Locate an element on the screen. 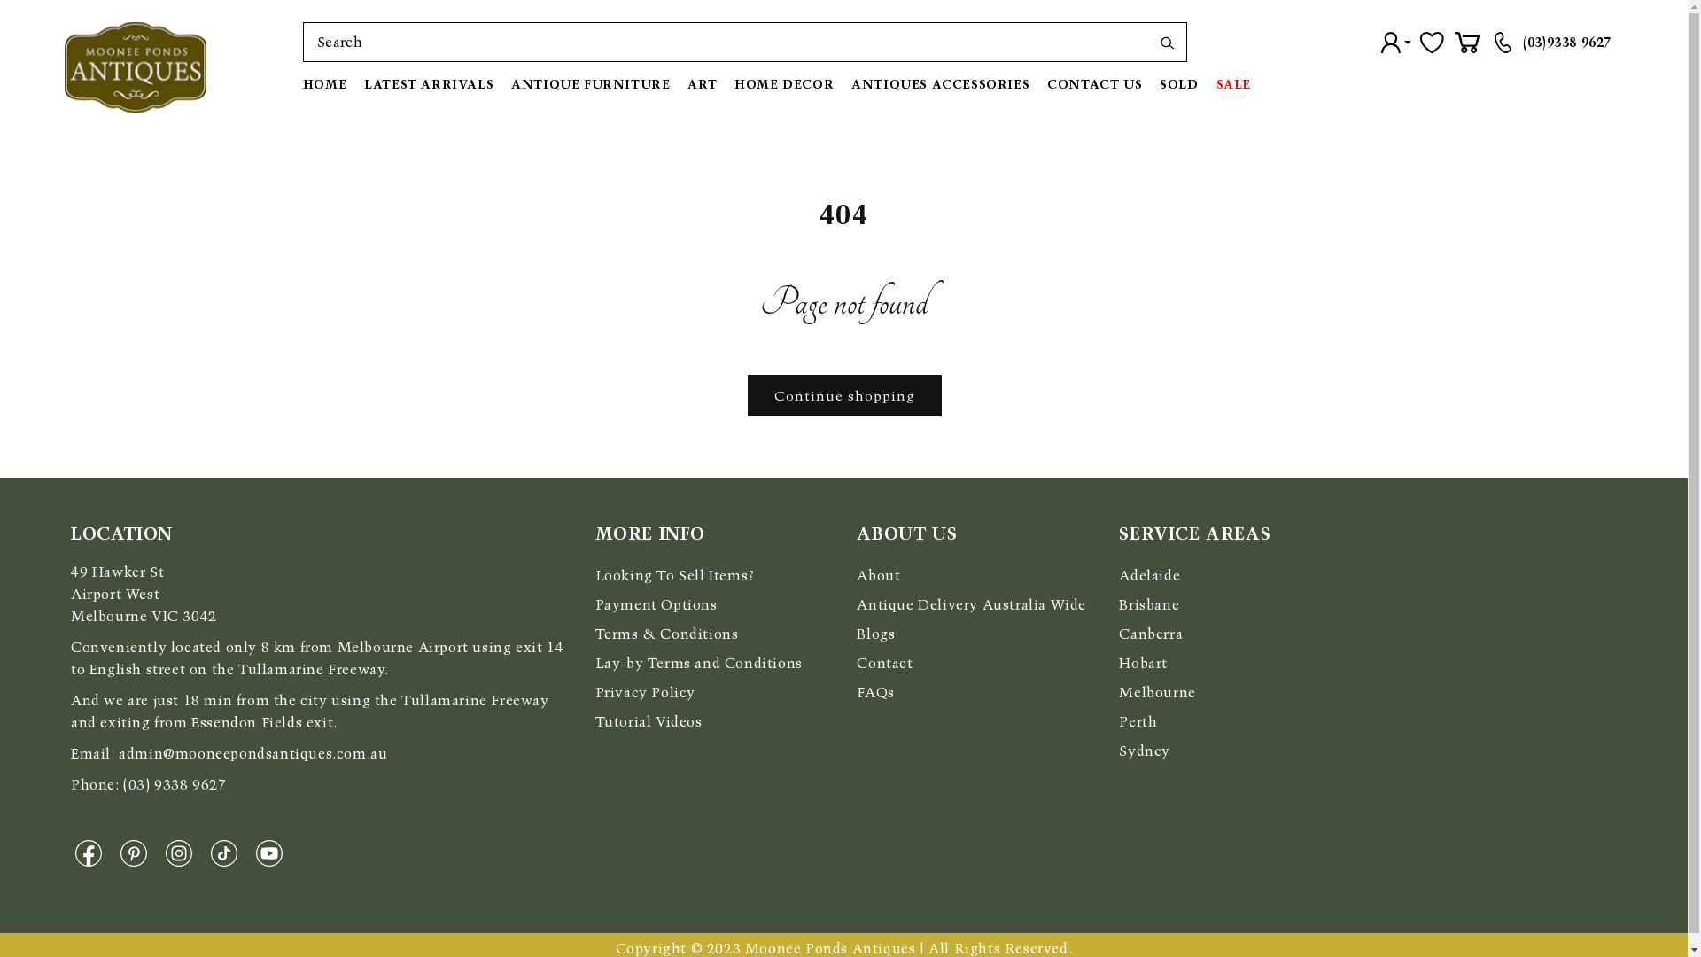 Image resolution: width=1701 pixels, height=957 pixels. 'Hobart' is located at coordinates (1143, 663).